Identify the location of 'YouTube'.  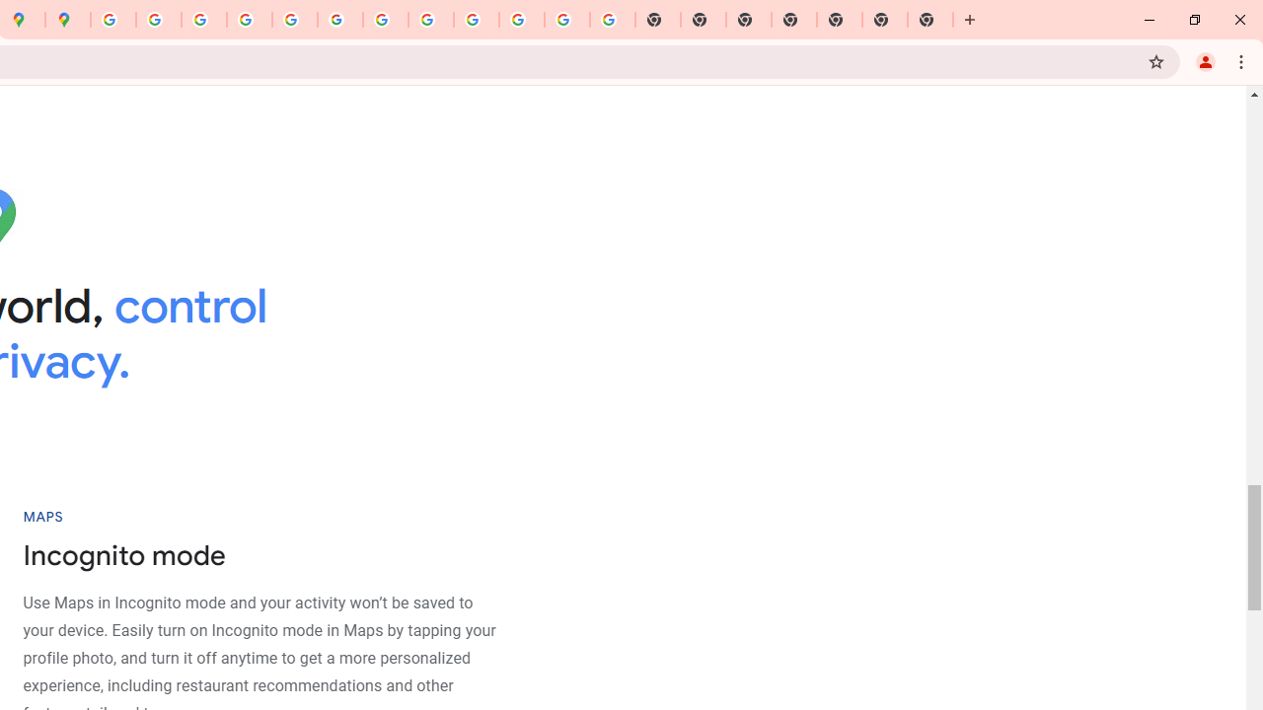
(385, 20).